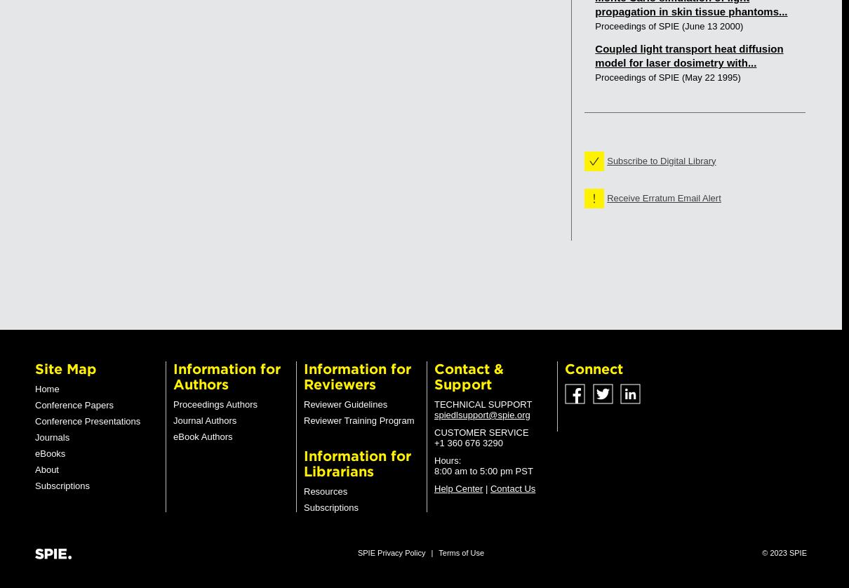 This screenshot has height=588, width=849. Describe the element at coordinates (482, 470) in the screenshot. I see `'8:00 am to 5:00 pm PST'` at that location.